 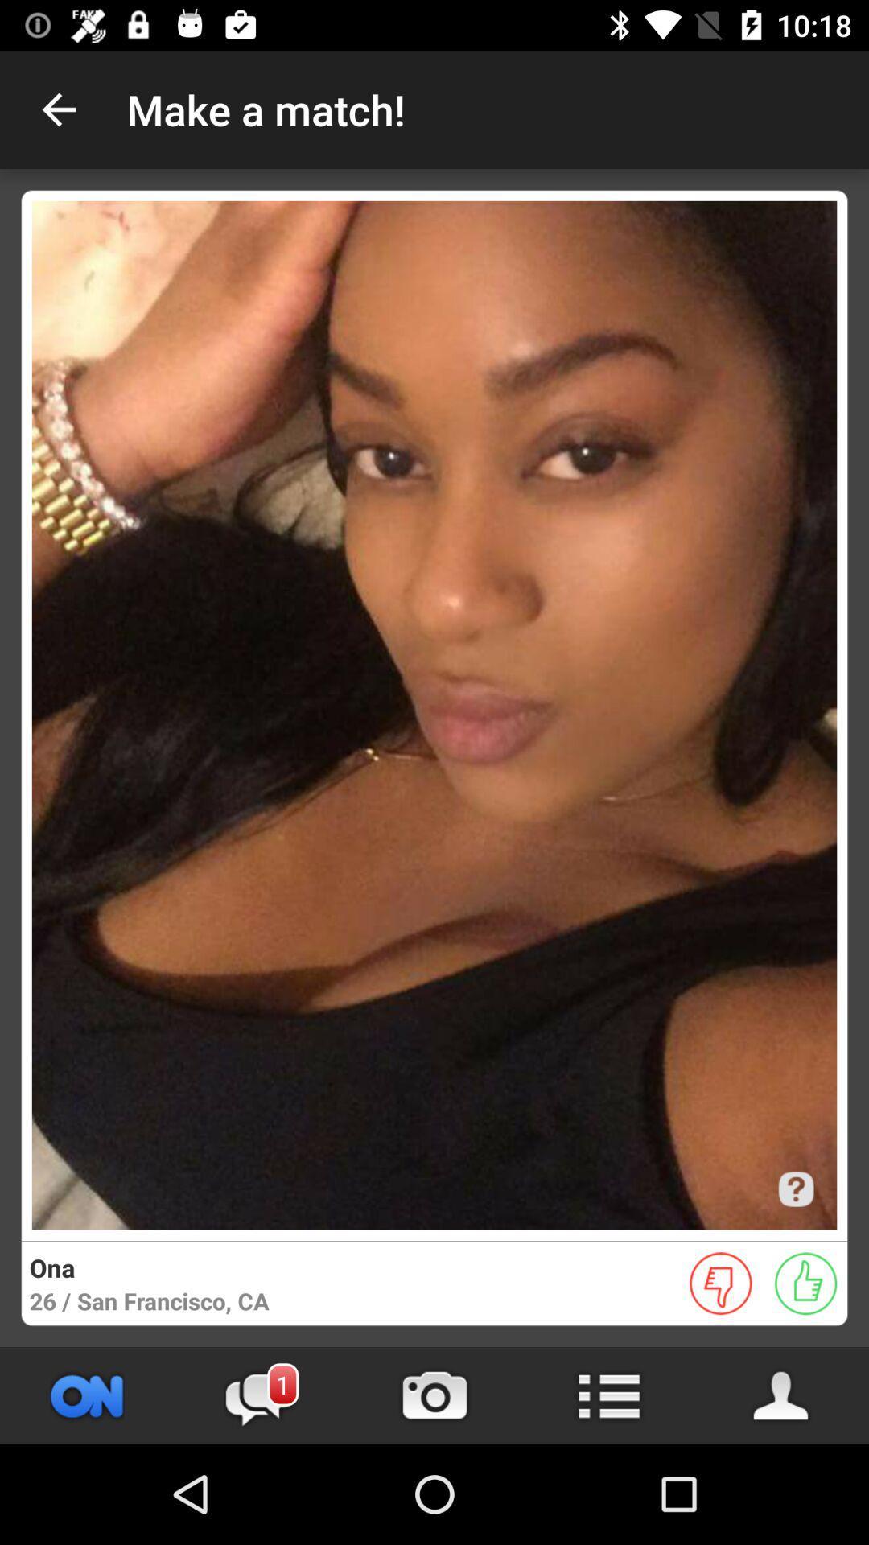 What do you see at coordinates (795, 1189) in the screenshot?
I see `the question mark icon at the right bottom of the page` at bounding box center [795, 1189].